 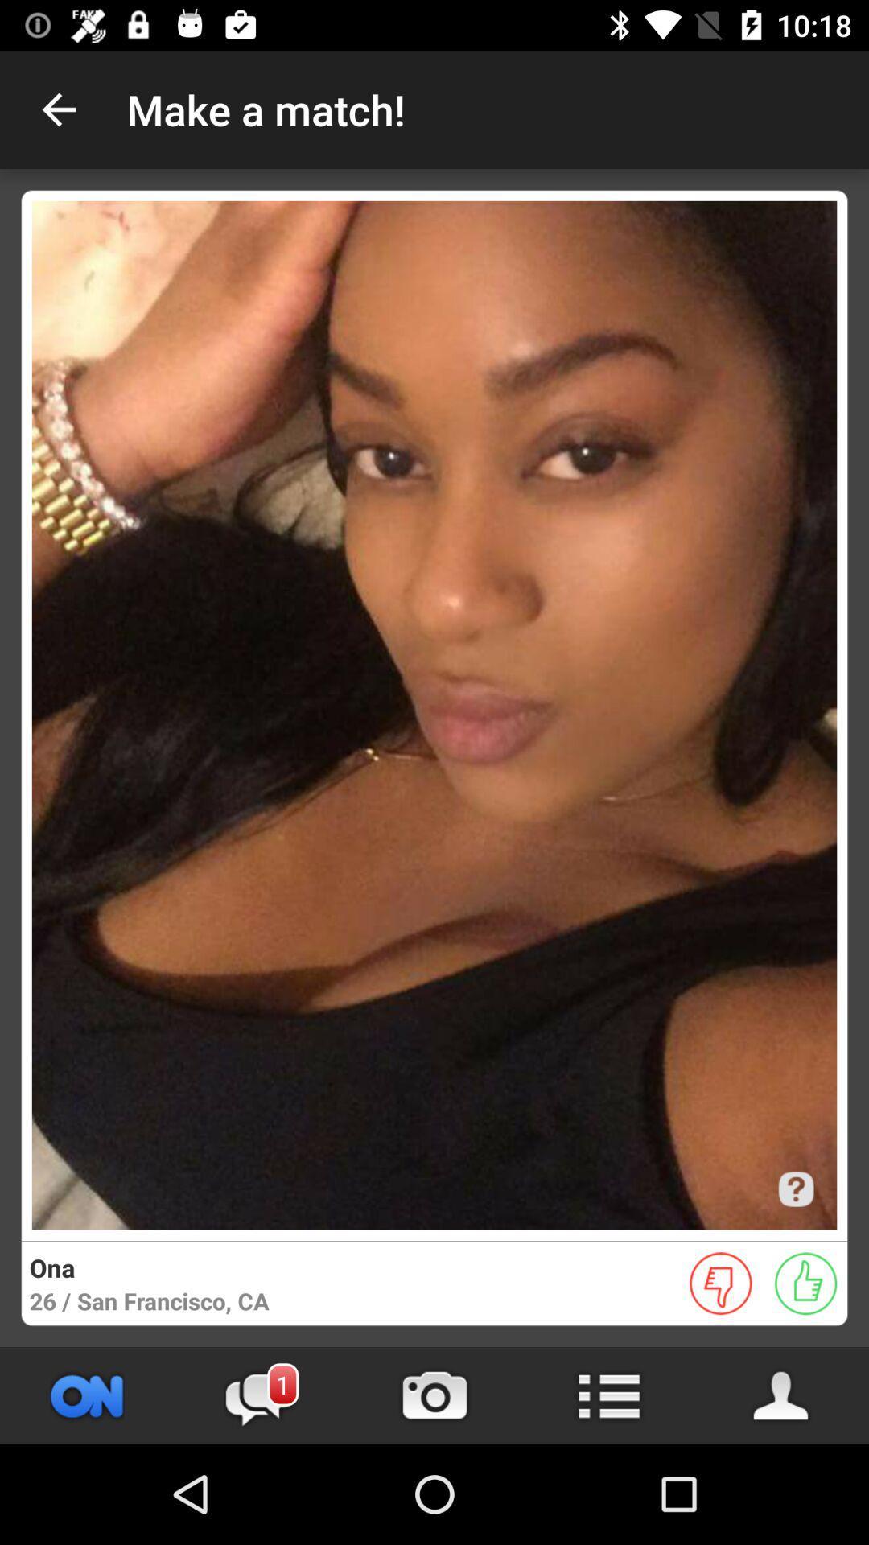 What do you see at coordinates (795, 1189) in the screenshot?
I see `the question mark icon at the right bottom of the page` at bounding box center [795, 1189].